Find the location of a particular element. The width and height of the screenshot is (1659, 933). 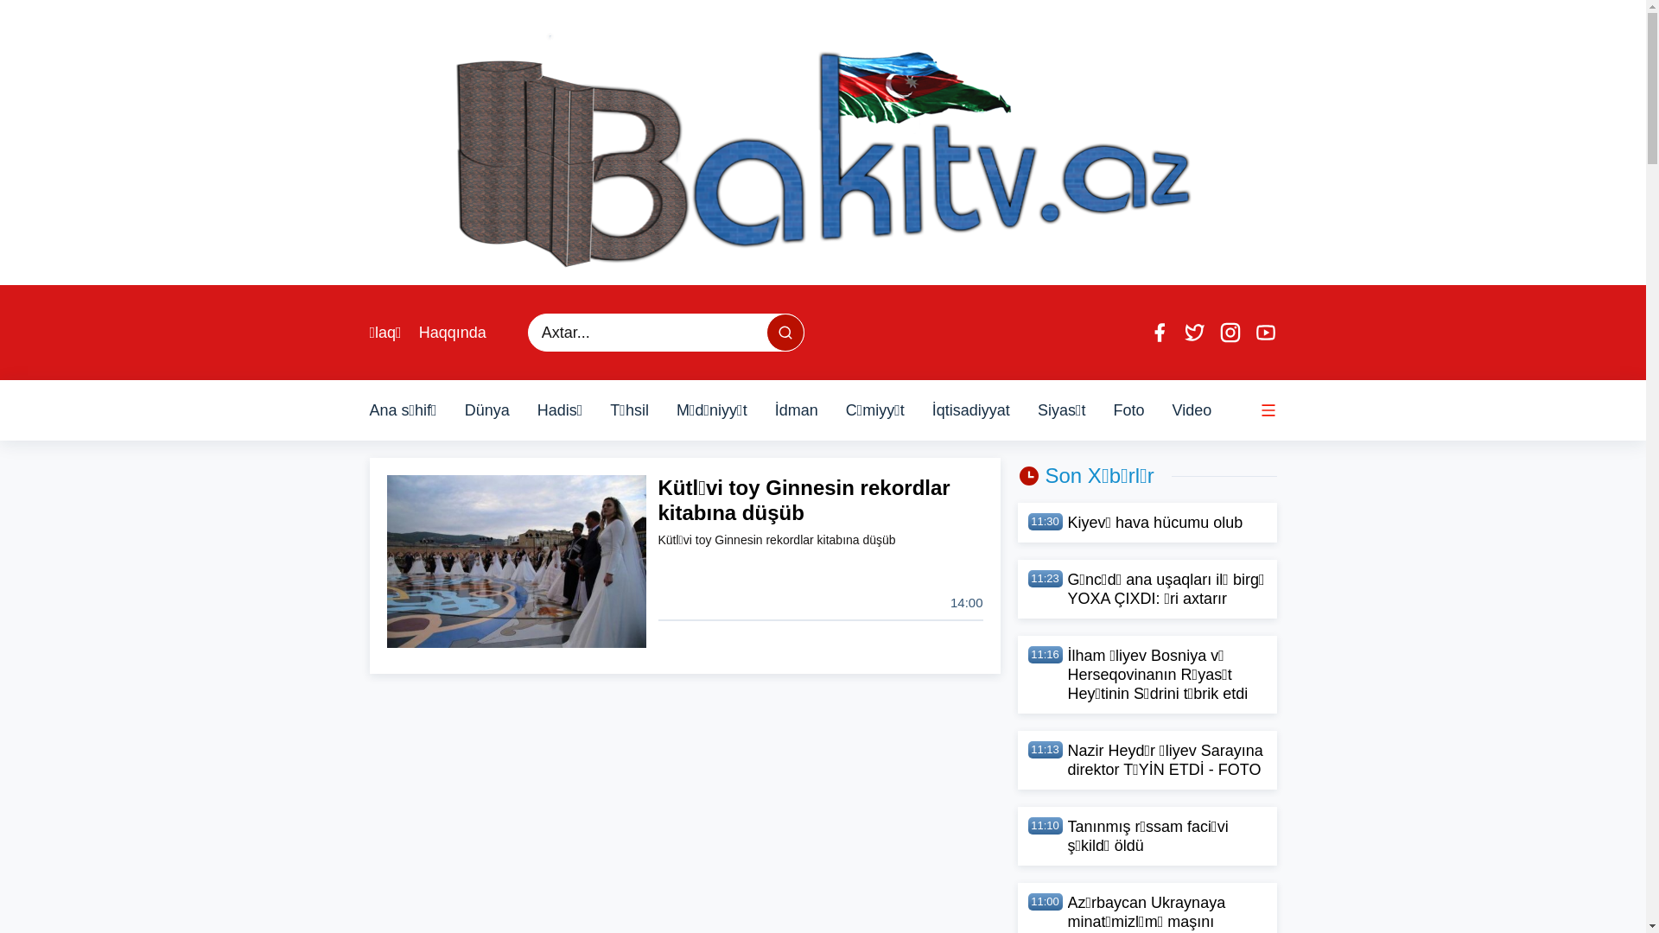

'Video' is located at coordinates (1172, 409).